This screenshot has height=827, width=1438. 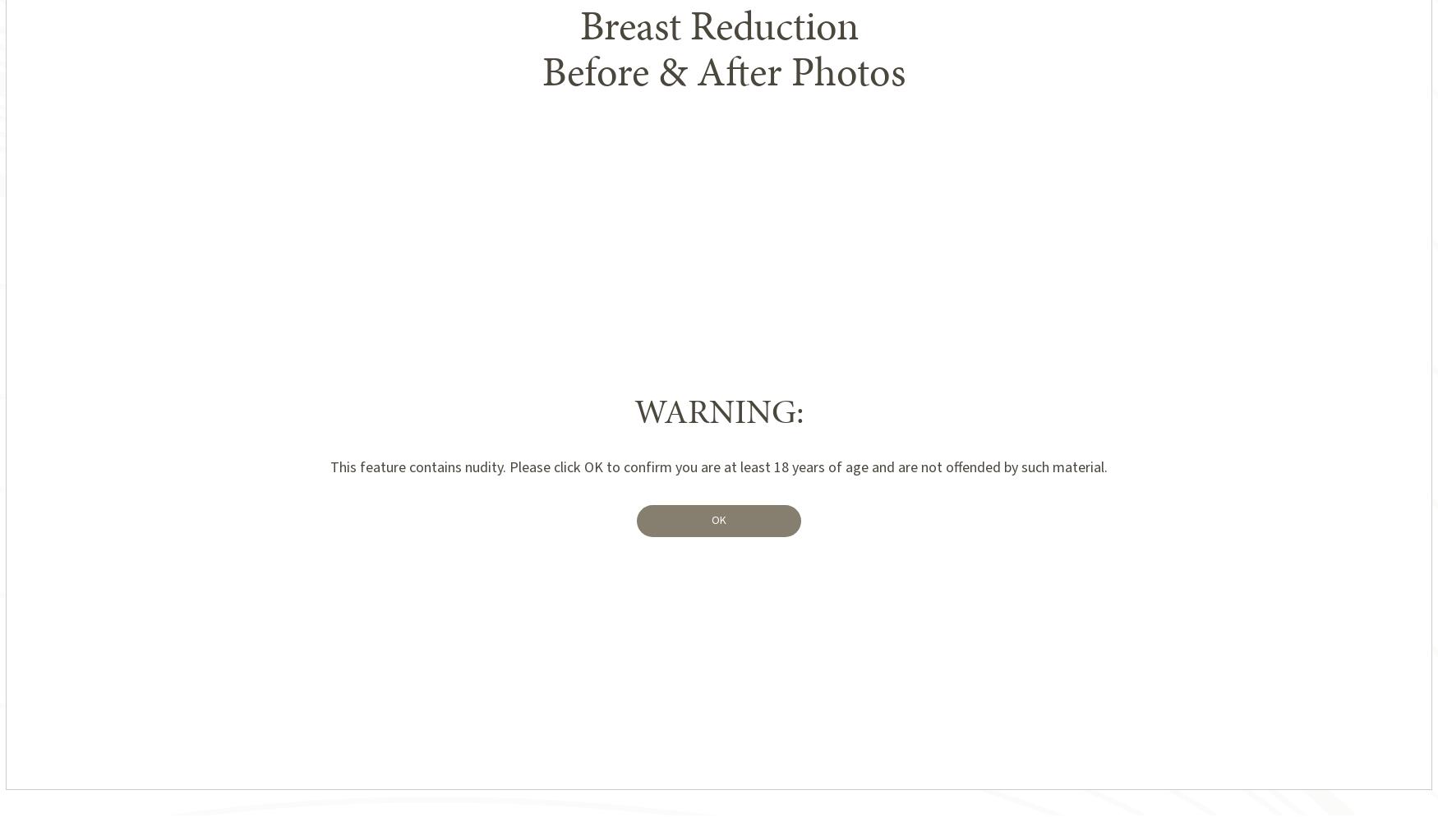 I want to click on '1', so click(x=722, y=675).